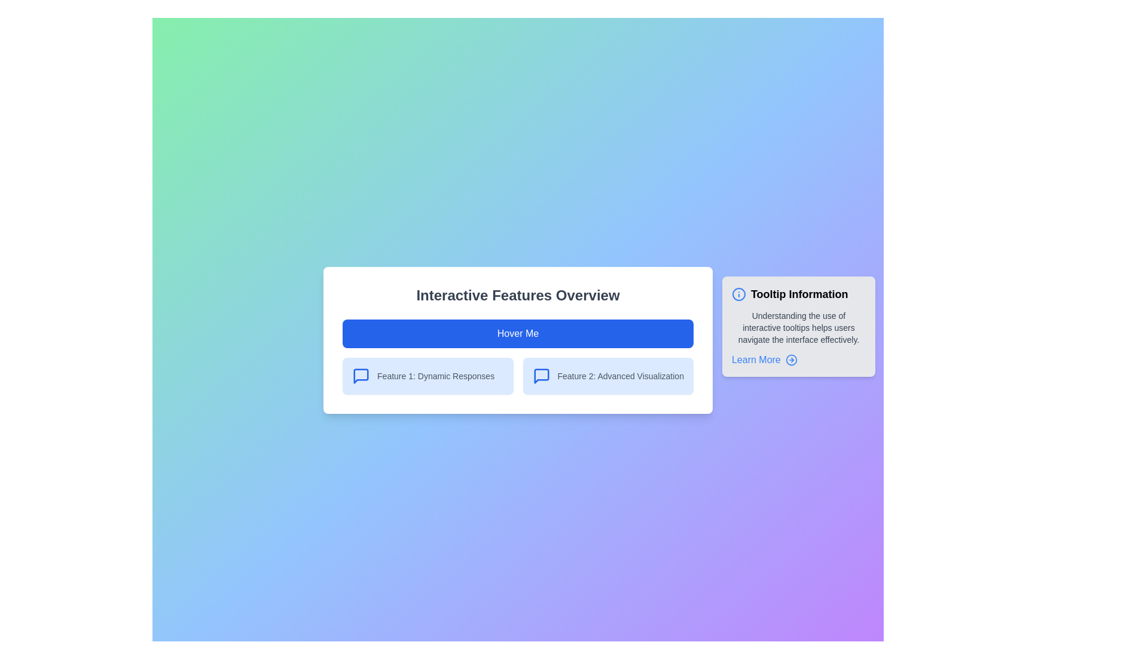  What do you see at coordinates (791, 359) in the screenshot?
I see `the icon located immediately to the right of the 'Learn More' text to observe any visual changes` at bounding box center [791, 359].